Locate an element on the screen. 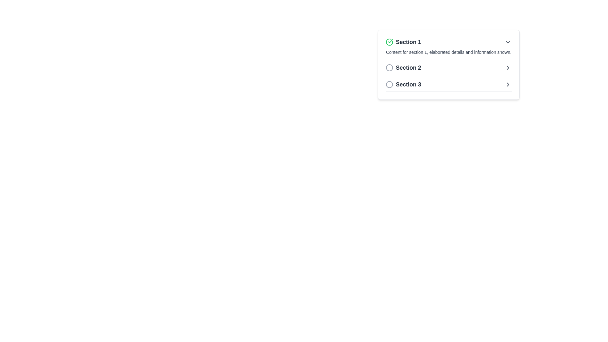 The height and width of the screenshot is (342, 608). the chevron icon located at the far right side of the row labeled 'Section 2' is located at coordinates (508, 67).